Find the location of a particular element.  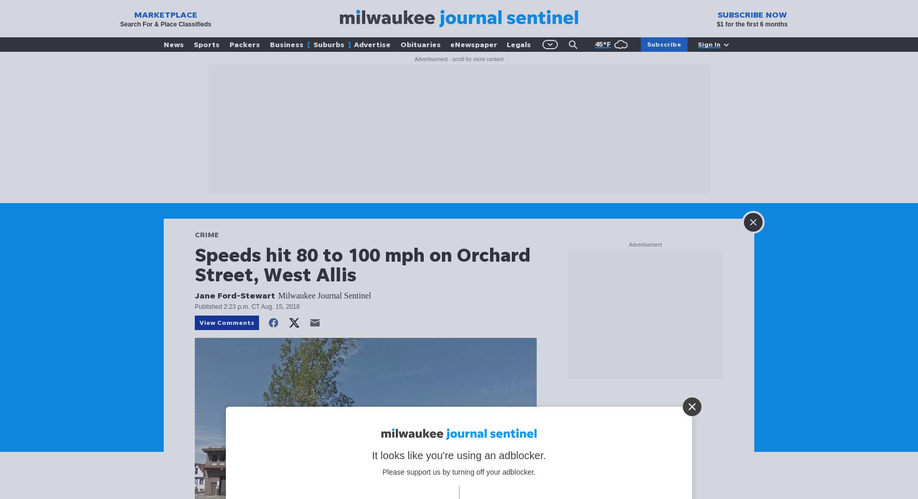

'Sports' is located at coordinates (207, 44).